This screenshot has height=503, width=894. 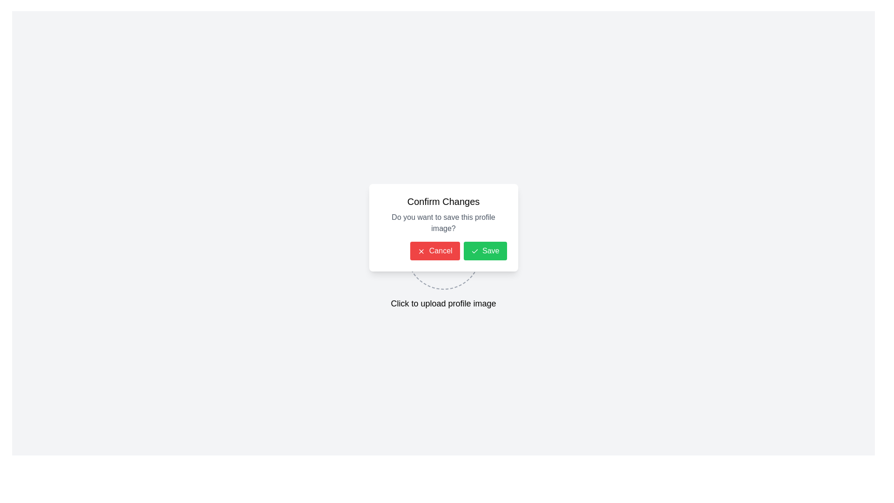 I want to click on the 'Cancel' button in the confirmation control set of the modal dialog, so click(x=443, y=251).